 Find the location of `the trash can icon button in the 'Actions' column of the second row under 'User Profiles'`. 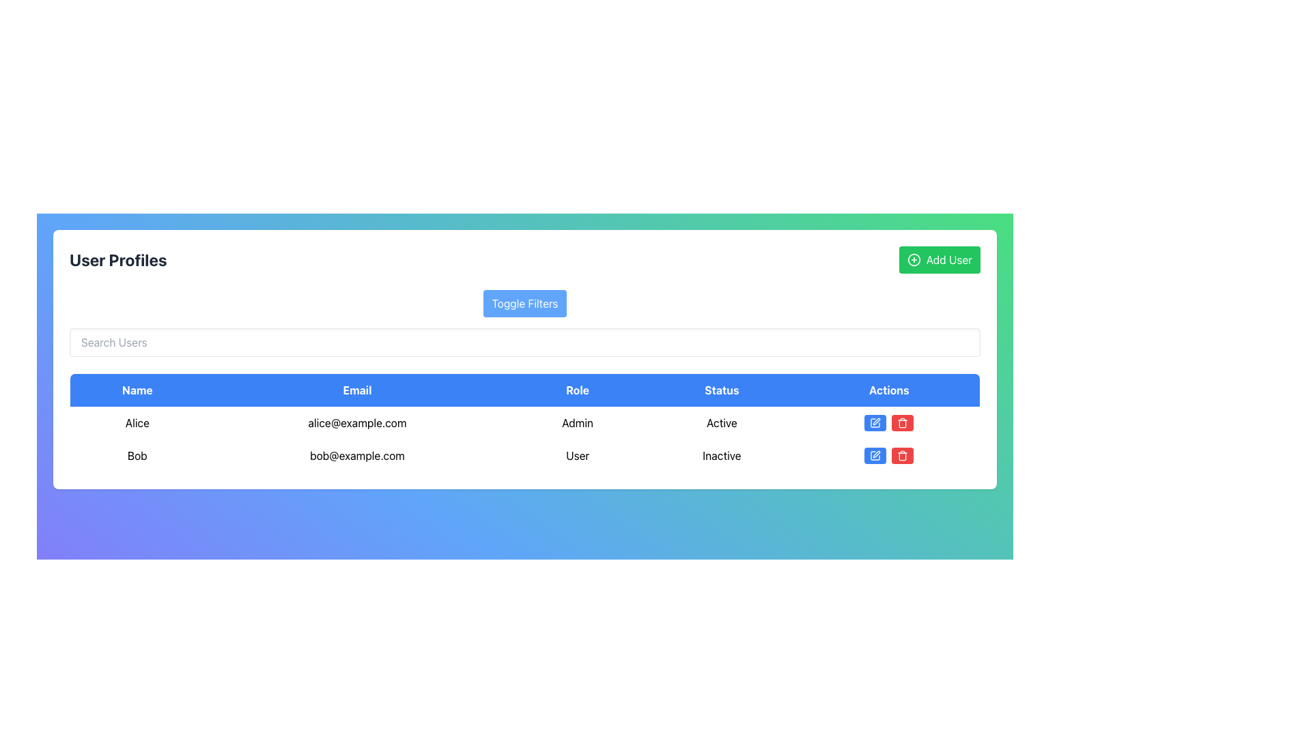

the trash can icon button in the 'Actions' column of the second row under 'User Profiles' is located at coordinates (903, 422).